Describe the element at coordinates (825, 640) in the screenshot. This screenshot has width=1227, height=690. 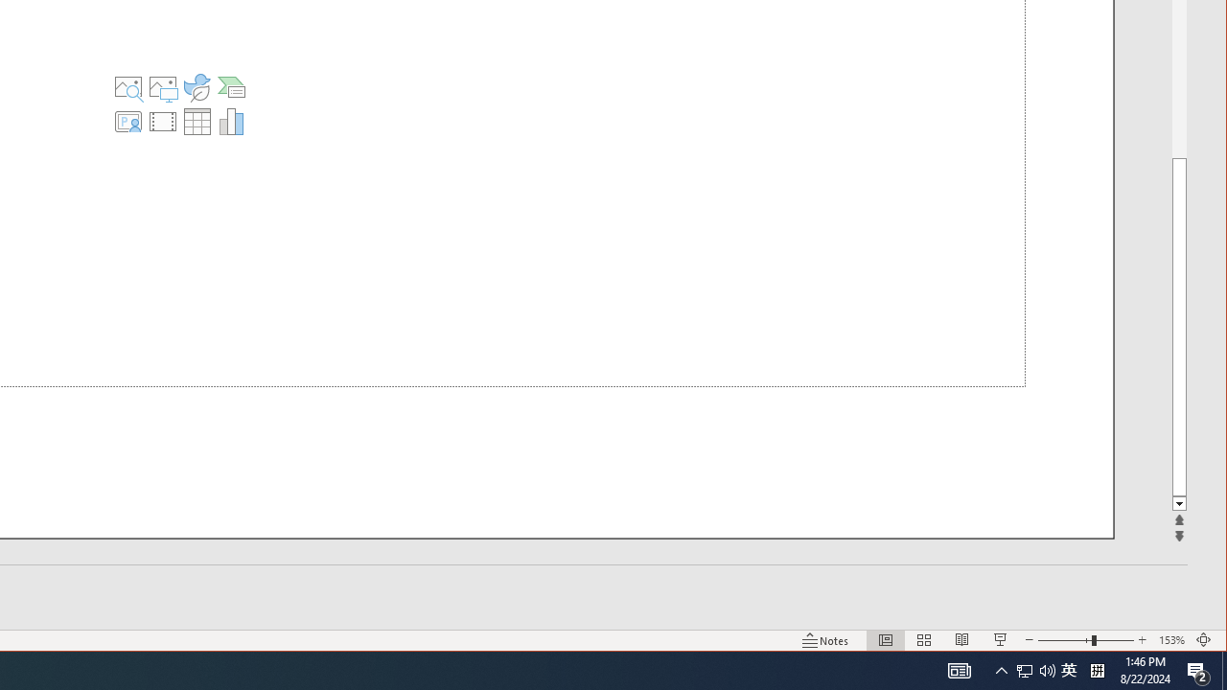
I see `'Notes '` at that location.